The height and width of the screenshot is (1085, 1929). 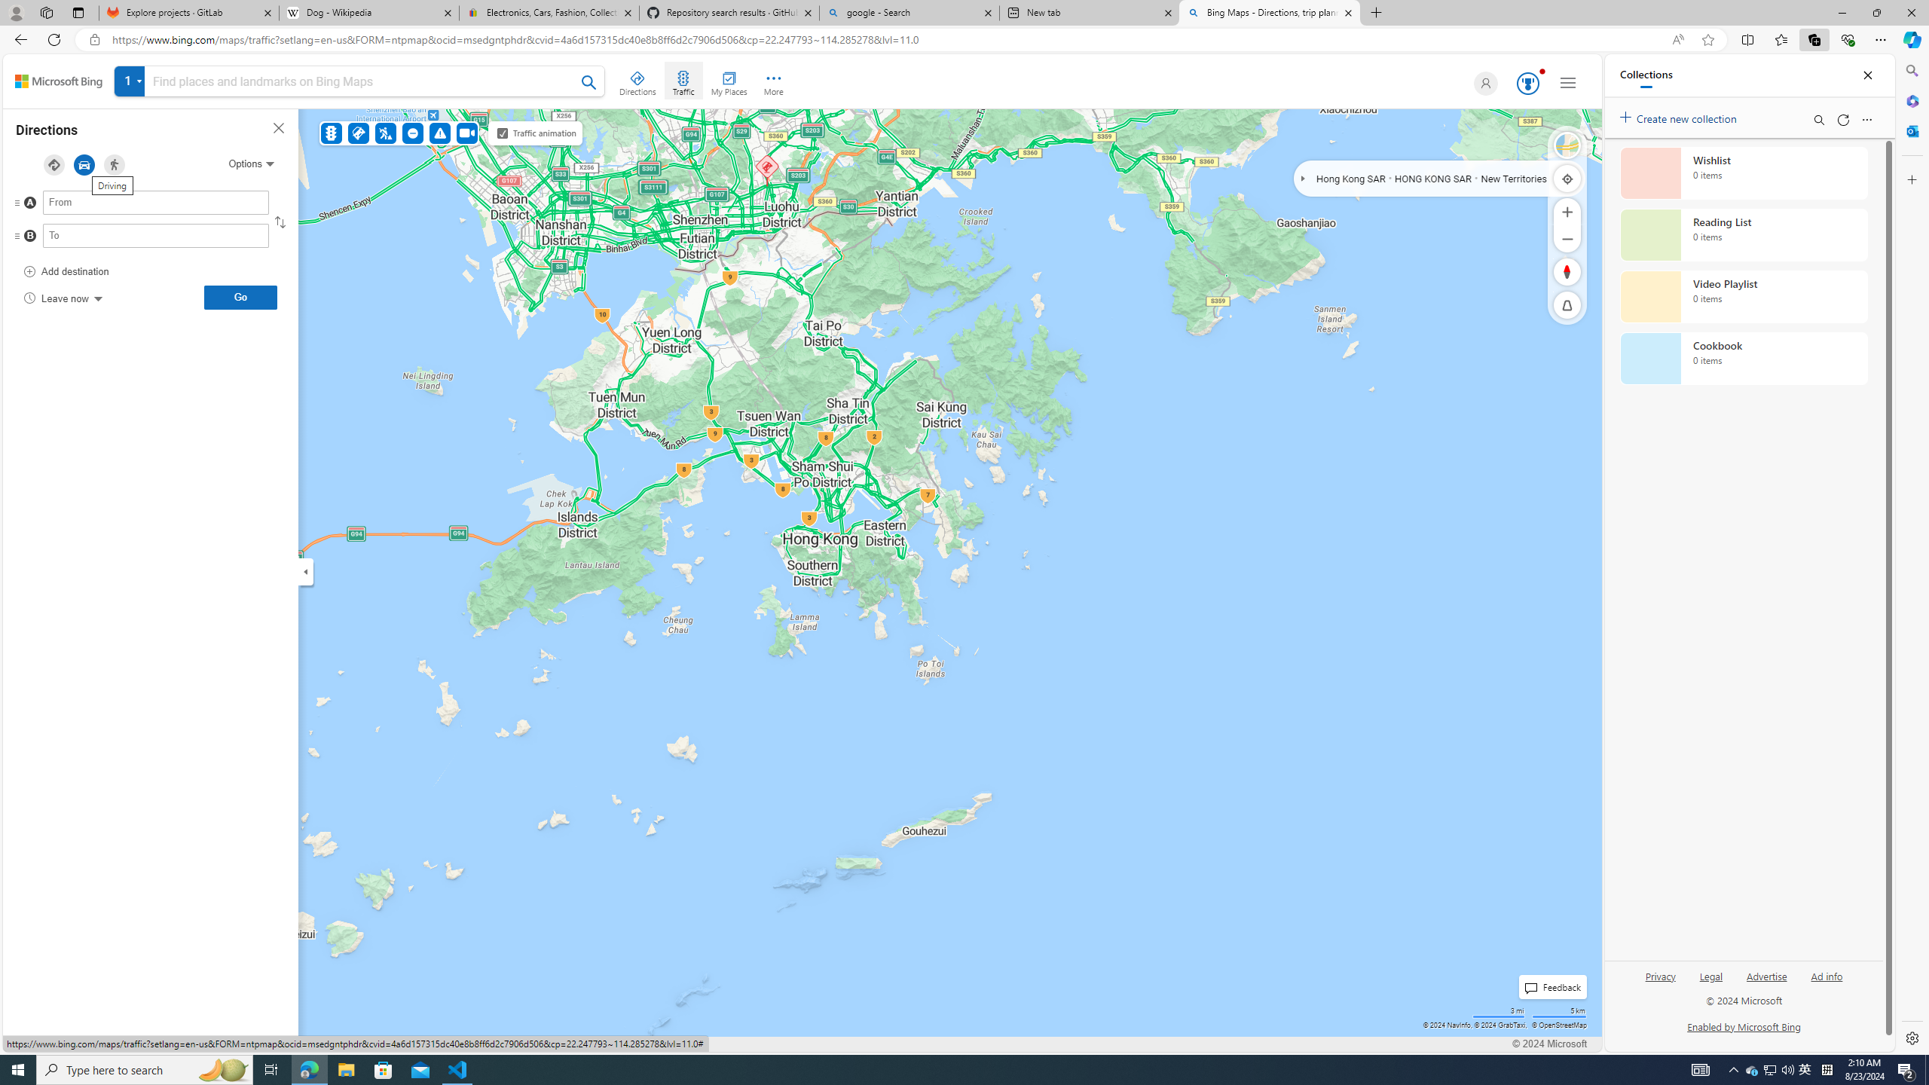 I want to click on 'Animation', so click(x=1542, y=72).